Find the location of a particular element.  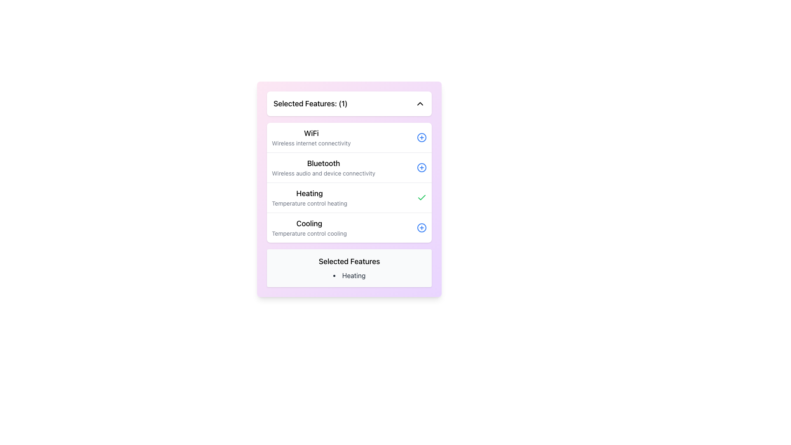

items within the Interactive feature card titled 'Selected Features: (1)' is located at coordinates (349, 189).